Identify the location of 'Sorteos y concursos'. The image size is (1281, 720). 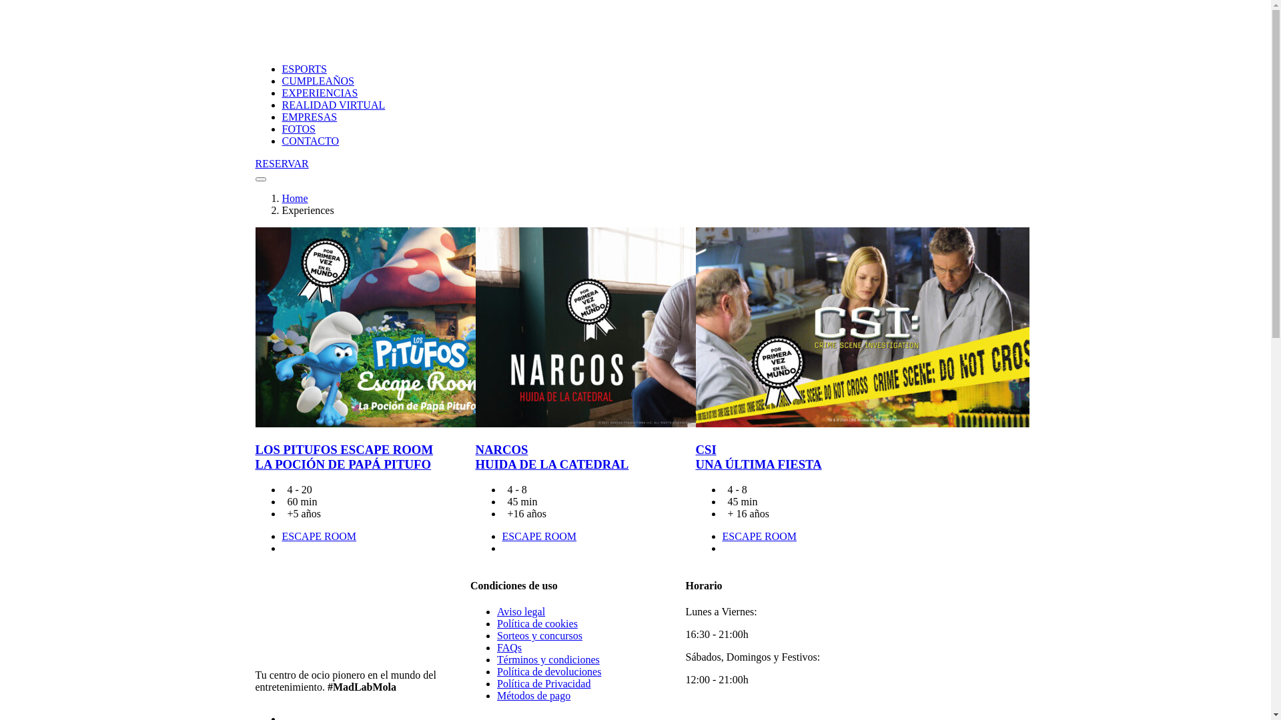
(540, 635).